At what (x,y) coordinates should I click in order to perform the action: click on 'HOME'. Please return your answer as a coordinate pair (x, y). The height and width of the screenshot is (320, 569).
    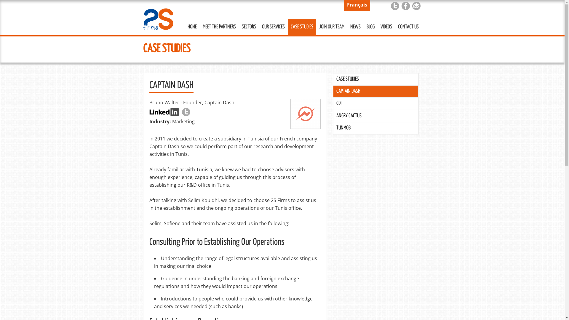
    Looking at the image, I should click on (192, 27).